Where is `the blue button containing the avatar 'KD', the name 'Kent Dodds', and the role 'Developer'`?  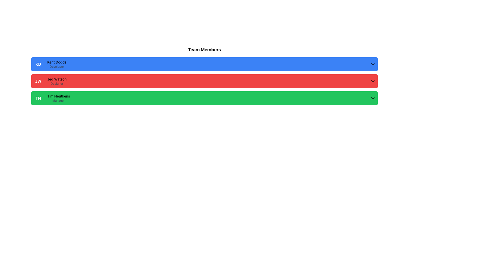 the blue button containing the avatar 'KD', the name 'Kent Dodds', and the role 'Developer' is located at coordinates (204, 64).